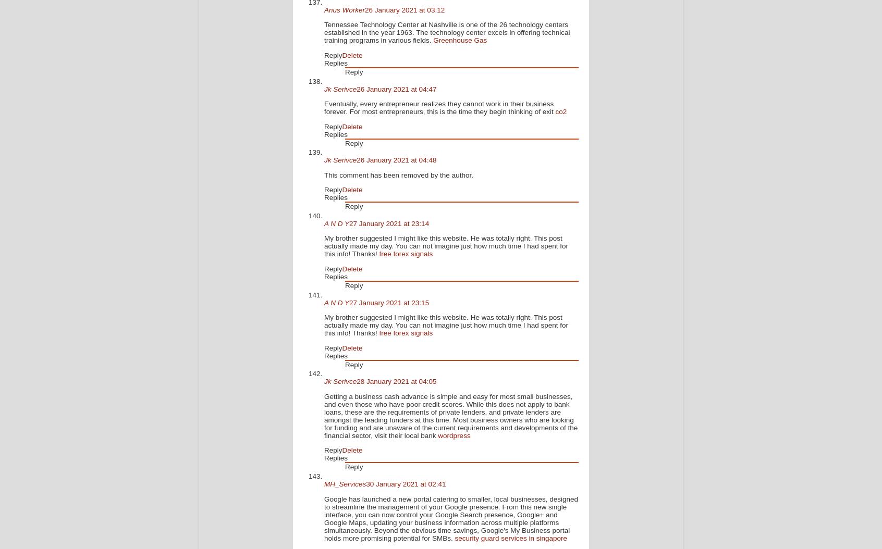 The image size is (882, 549). I want to click on 'Google has launched a new portal catering to smaller, local businesses, designed to streamline the management of your Google presence. From this new single interface, you can now control your Google Search presence, Google+ and Google Maps, updating your business information across multiple platforms simultaneously. Beyond the obvious time savings, Google's My Business portal holds more promising potential for SMBs.', so click(450, 518).